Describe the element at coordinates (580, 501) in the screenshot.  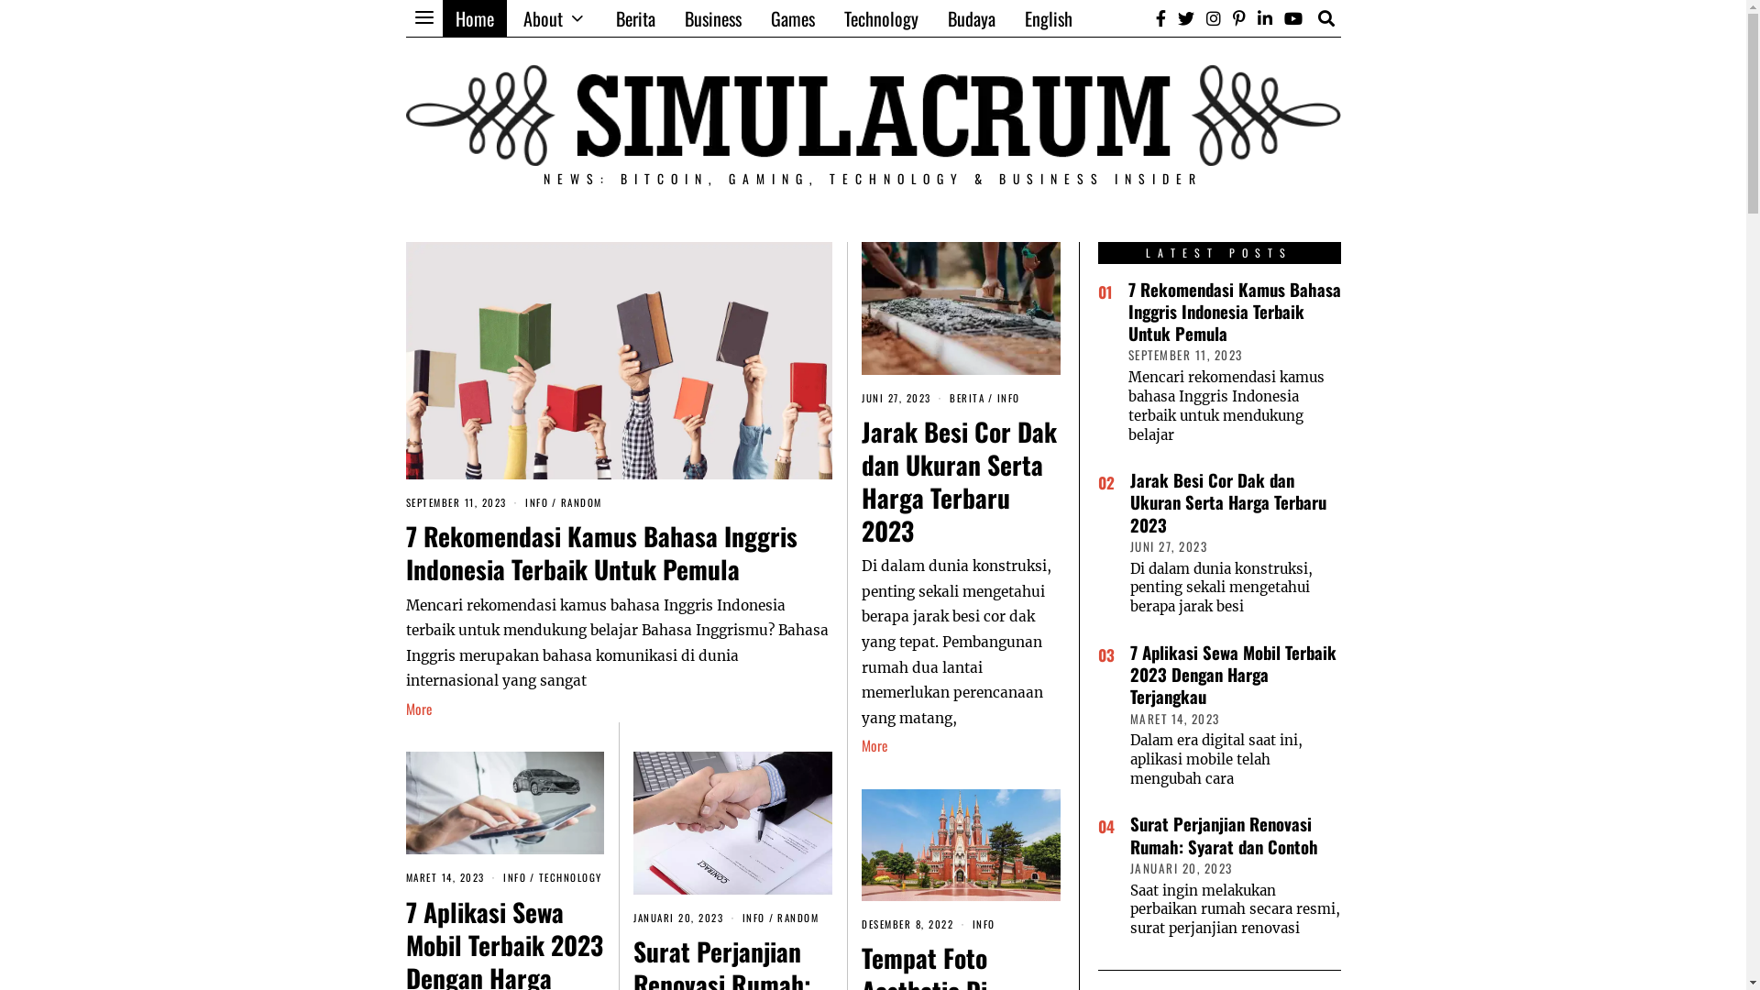
I see `'RANDOM'` at that location.